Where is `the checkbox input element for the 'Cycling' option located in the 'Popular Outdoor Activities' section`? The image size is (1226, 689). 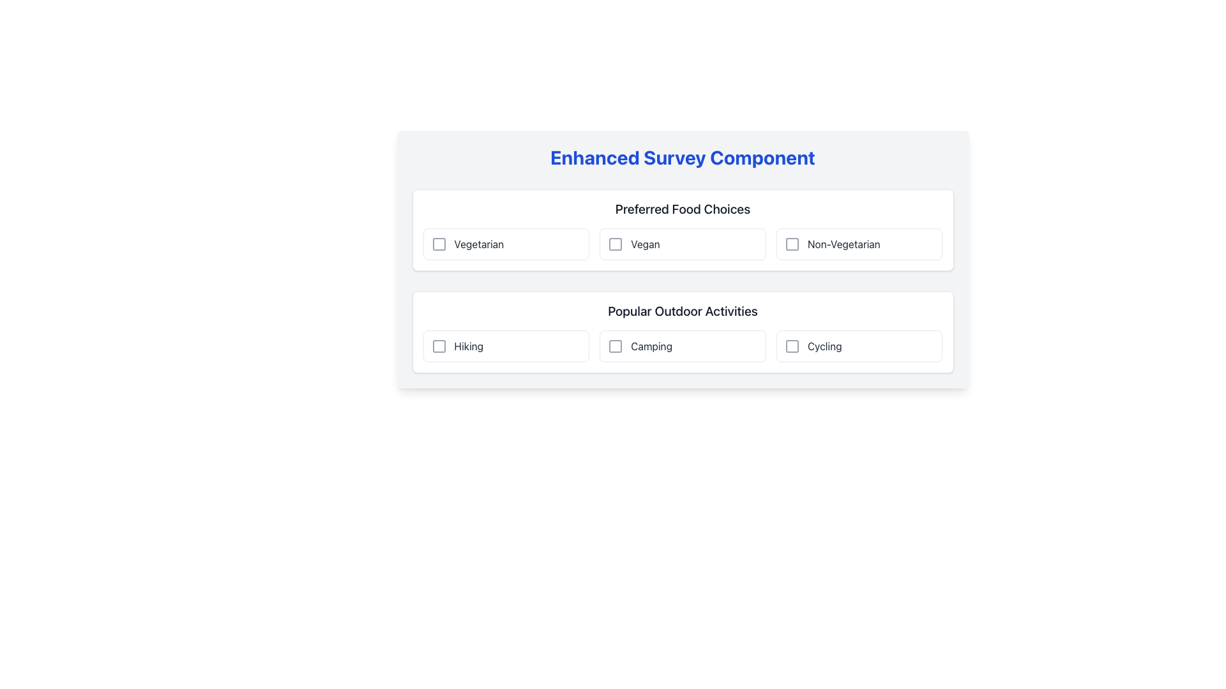 the checkbox input element for the 'Cycling' option located in the 'Popular Outdoor Activities' section is located at coordinates (791, 346).